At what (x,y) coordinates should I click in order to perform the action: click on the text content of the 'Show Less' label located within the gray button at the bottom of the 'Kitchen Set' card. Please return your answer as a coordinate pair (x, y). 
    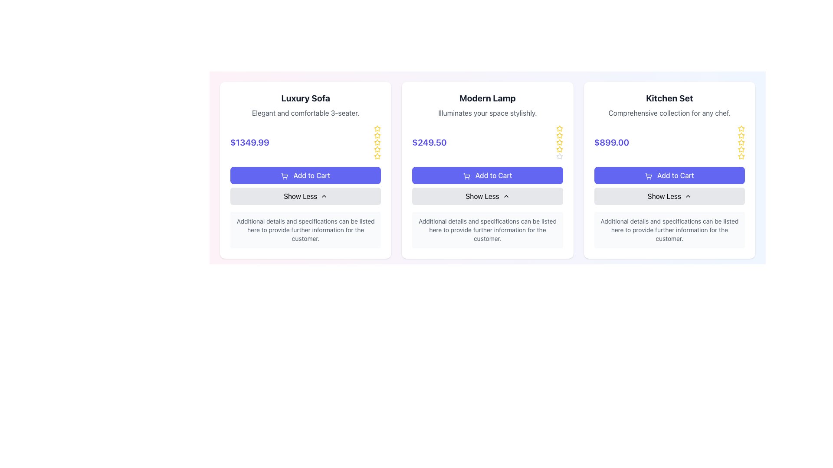
    Looking at the image, I should click on (664, 196).